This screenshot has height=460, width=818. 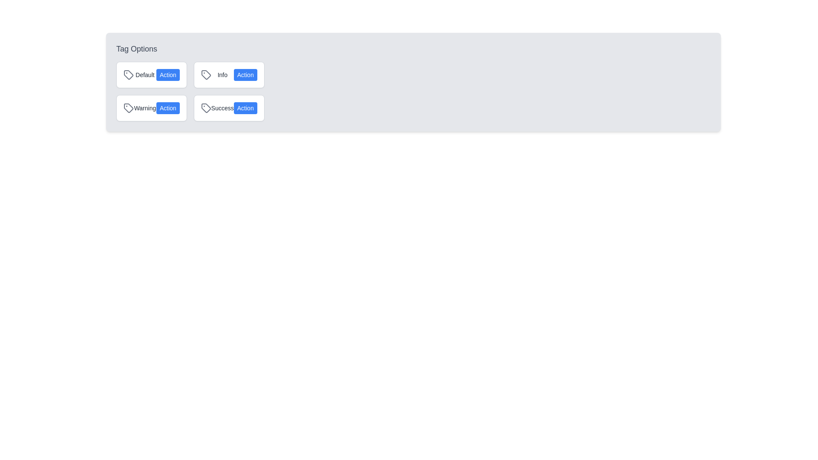 What do you see at coordinates (245, 75) in the screenshot?
I see `the rectangular button labeled 'Action' with a blue background and white text, located in the 'Info' panel` at bounding box center [245, 75].